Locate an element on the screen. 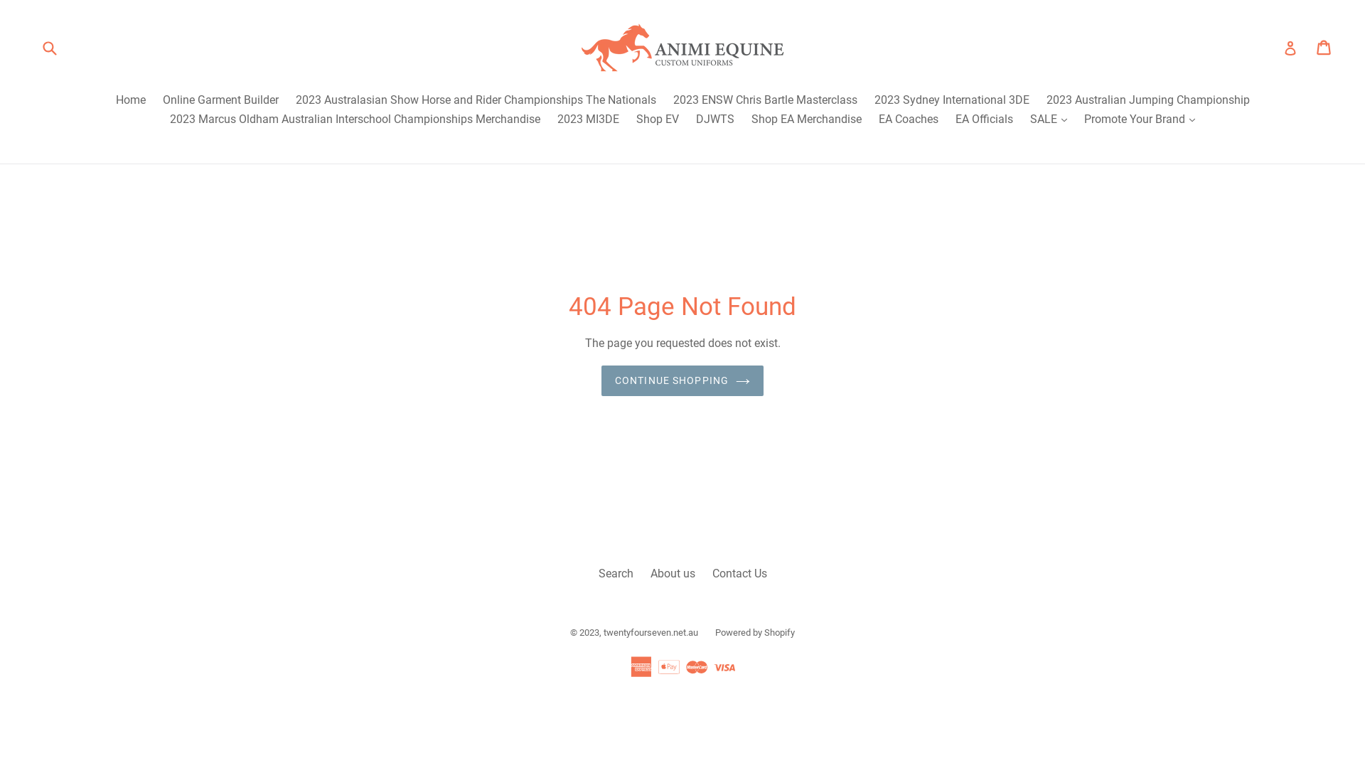 This screenshot has width=1365, height=768. '2023 Sydney International 3DE' is located at coordinates (952, 100).